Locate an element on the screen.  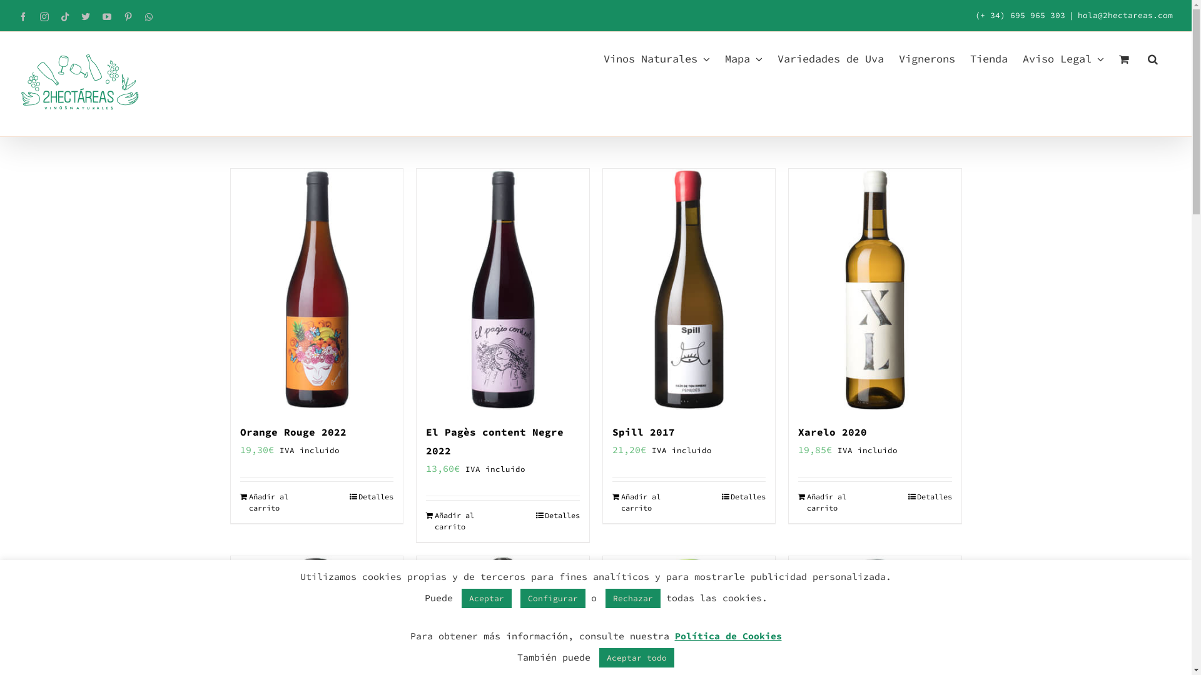
'Rechazar' is located at coordinates (606, 597).